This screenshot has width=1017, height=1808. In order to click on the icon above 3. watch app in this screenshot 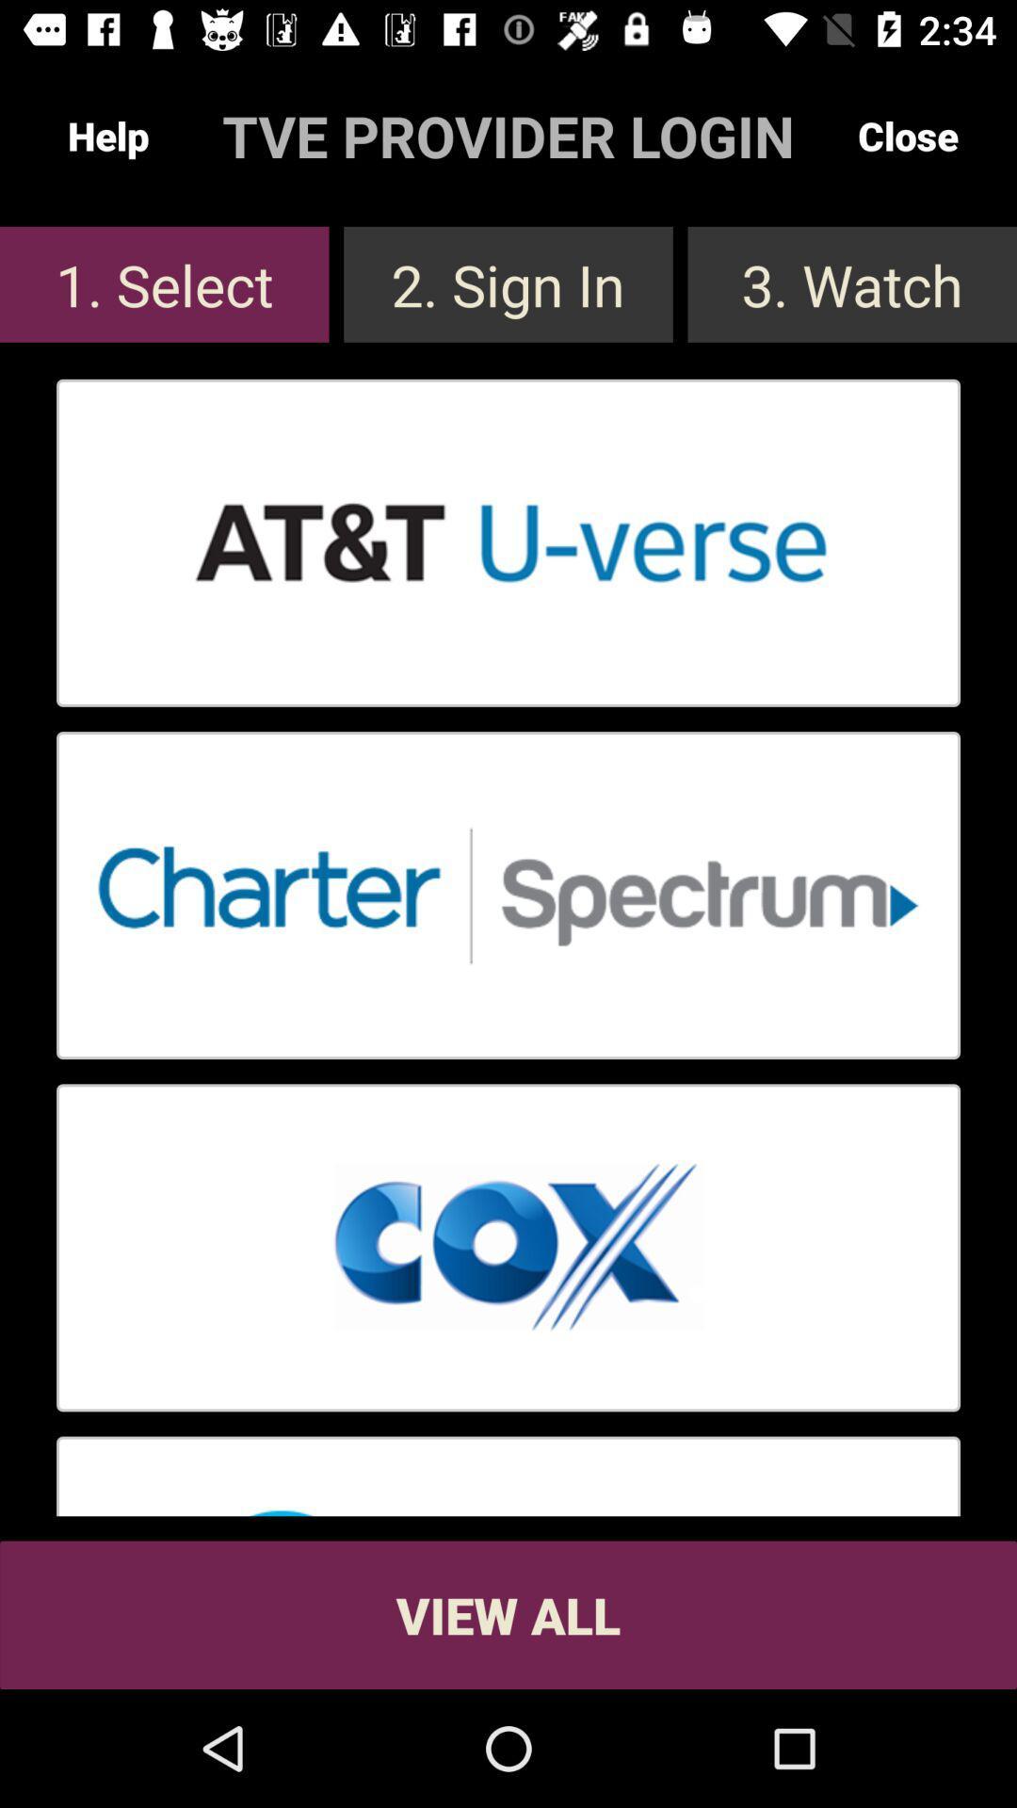, I will do `click(907, 135)`.